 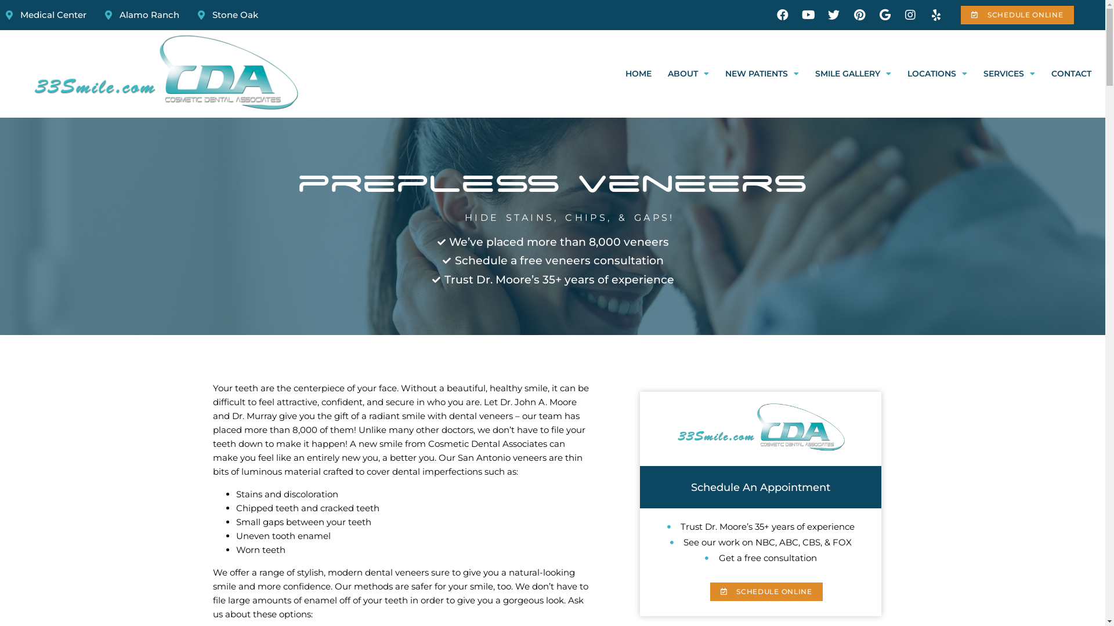 What do you see at coordinates (638, 74) in the screenshot?
I see `'HOME'` at bounding box center [638, 74].